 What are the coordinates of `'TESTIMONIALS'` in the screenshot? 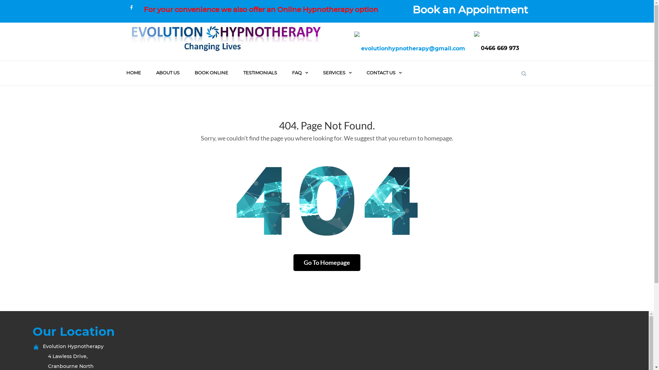 It's located at (243, 73).